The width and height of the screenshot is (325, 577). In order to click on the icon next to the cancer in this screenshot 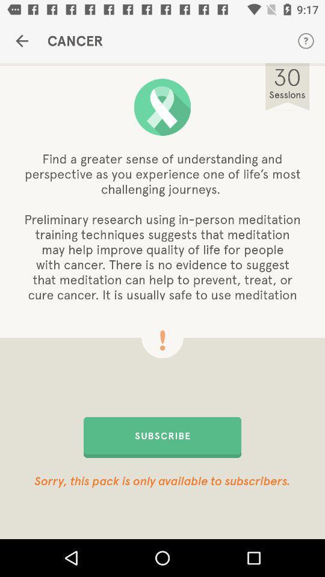, I will do `click(306, 41)`.